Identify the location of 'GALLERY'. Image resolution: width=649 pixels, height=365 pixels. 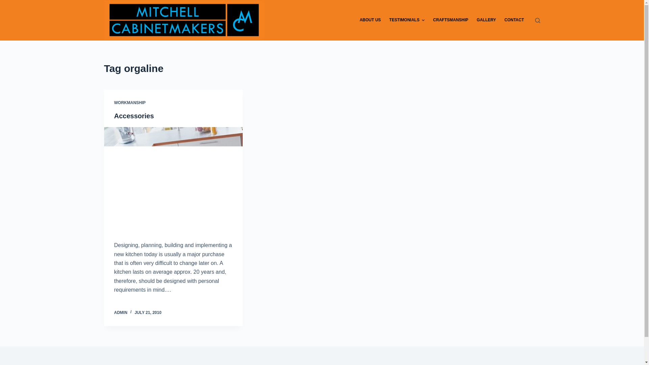
(486, 20).